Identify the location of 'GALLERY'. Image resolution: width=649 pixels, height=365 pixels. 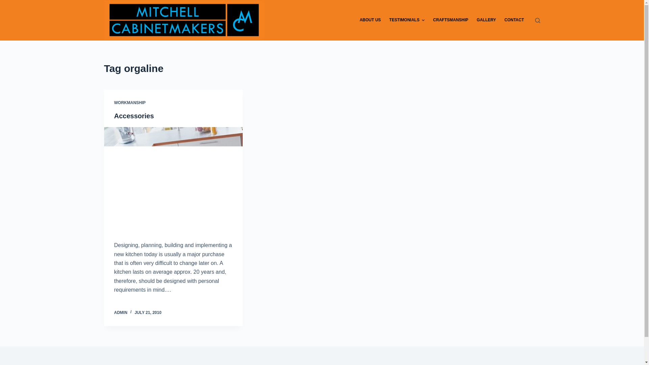
(486, 20).